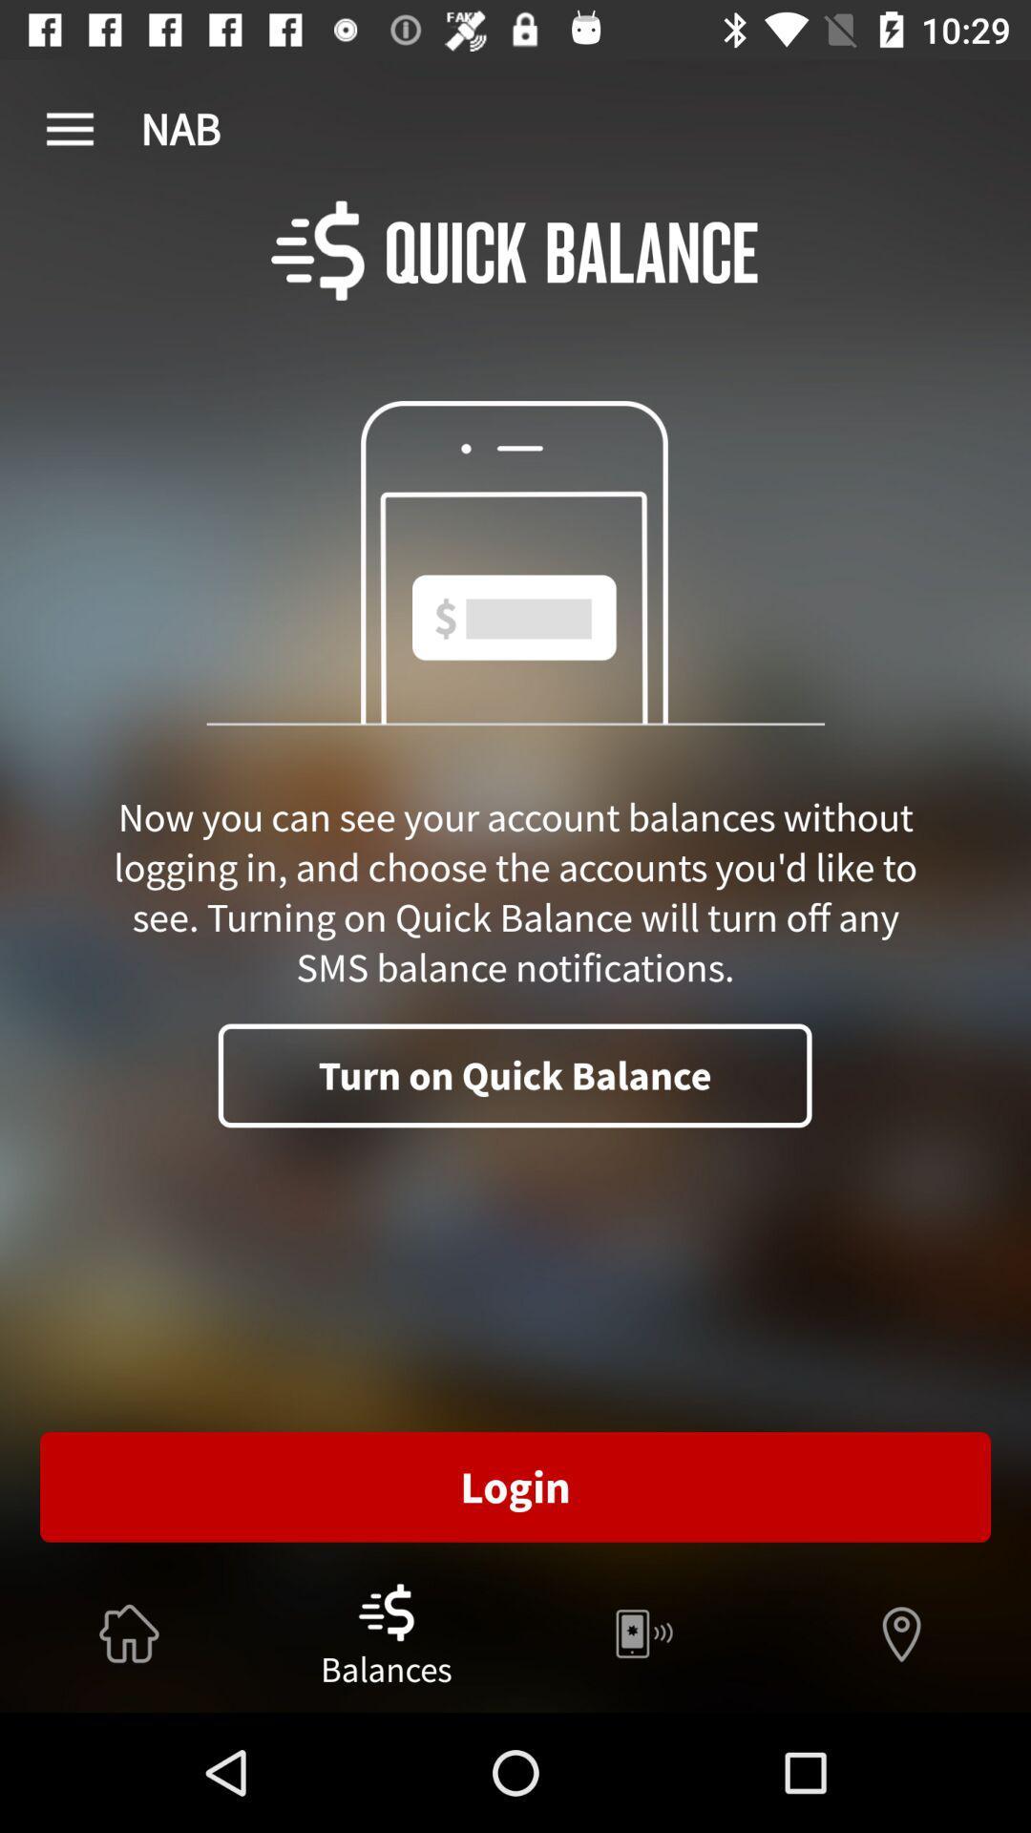 This screenshot has width=1031, height=1833. Describe the element at coordinates (515, 1485) in the screenshot. I see `the icon below turn on quick icon` at that location.